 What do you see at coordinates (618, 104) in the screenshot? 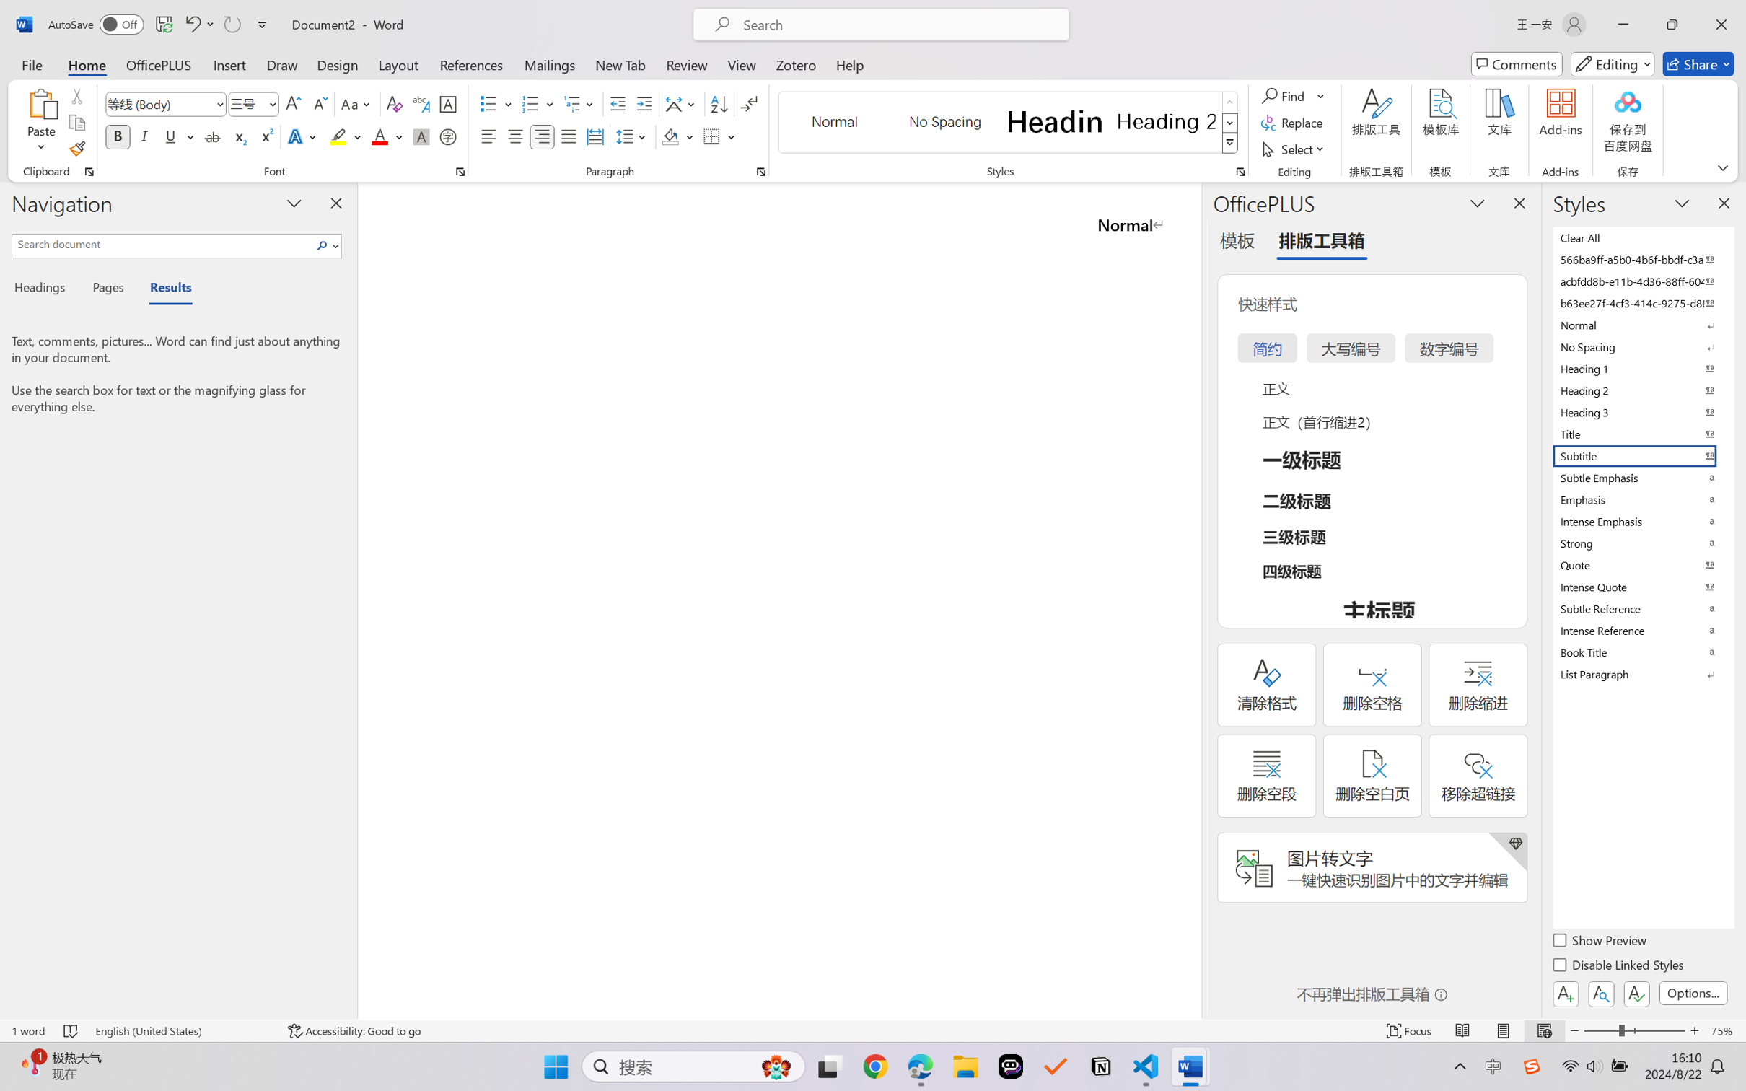
I see `'Decrease Indent'` at bounding box center [618, 104].